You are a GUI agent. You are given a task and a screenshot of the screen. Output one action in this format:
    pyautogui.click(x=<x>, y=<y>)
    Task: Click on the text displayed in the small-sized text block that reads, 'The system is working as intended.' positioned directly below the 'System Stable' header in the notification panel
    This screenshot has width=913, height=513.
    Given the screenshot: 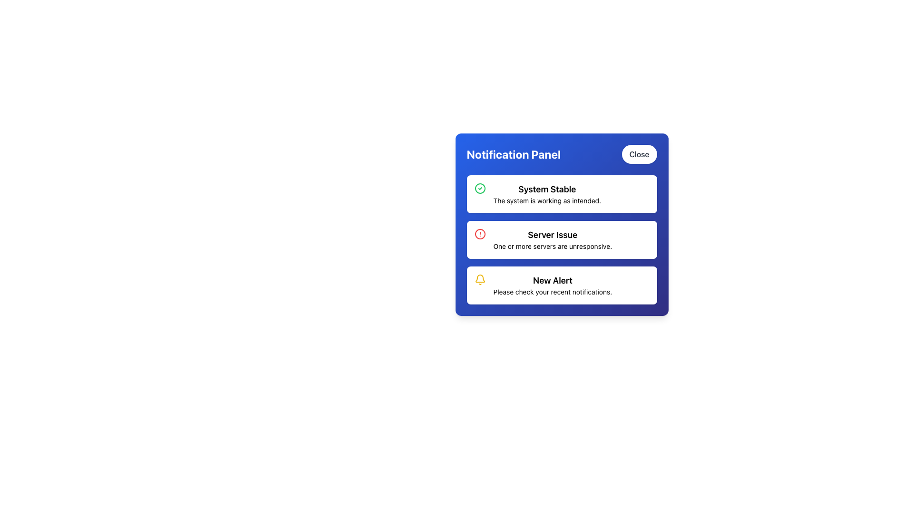 What is the action you would take?
    pyautogui.click(x=547, y=200)
    